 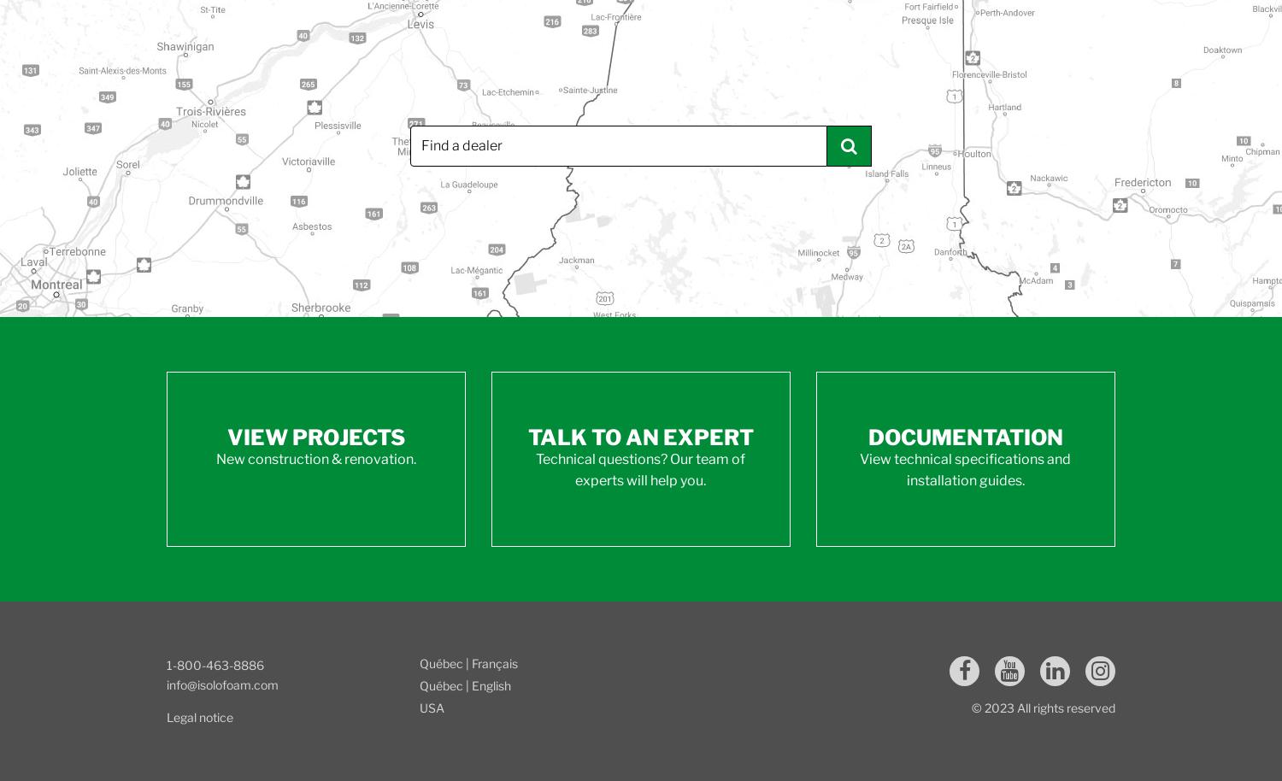 What do you see at coordinates (315, 457) in the screenshot?
I see `'New construction & renovation.'` at bounding box center [315, 457].